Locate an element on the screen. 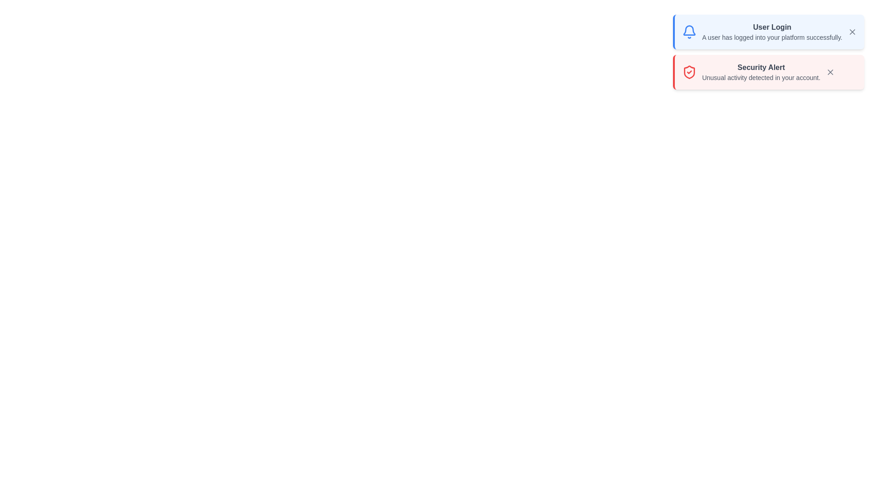  the notification to read its details is located at coordinates (768, 31).